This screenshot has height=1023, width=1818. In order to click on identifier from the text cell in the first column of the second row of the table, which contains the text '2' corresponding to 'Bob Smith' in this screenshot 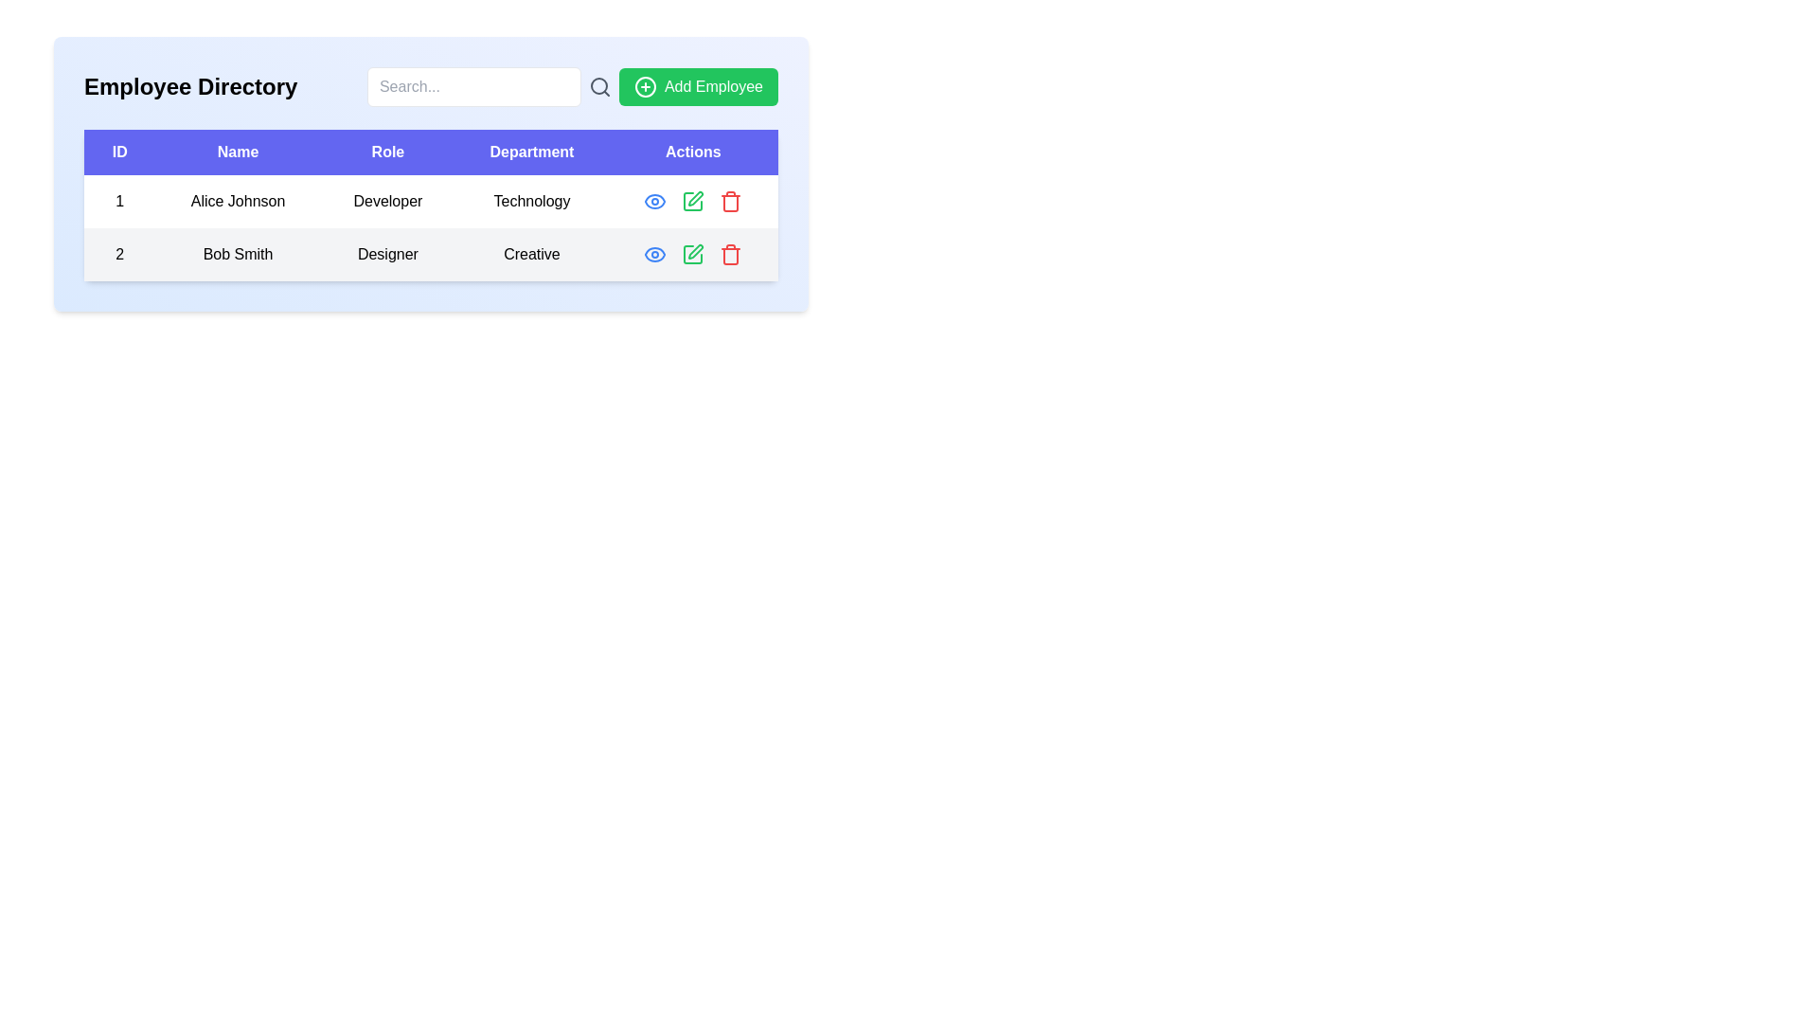, I will do `click(118, 254)`.